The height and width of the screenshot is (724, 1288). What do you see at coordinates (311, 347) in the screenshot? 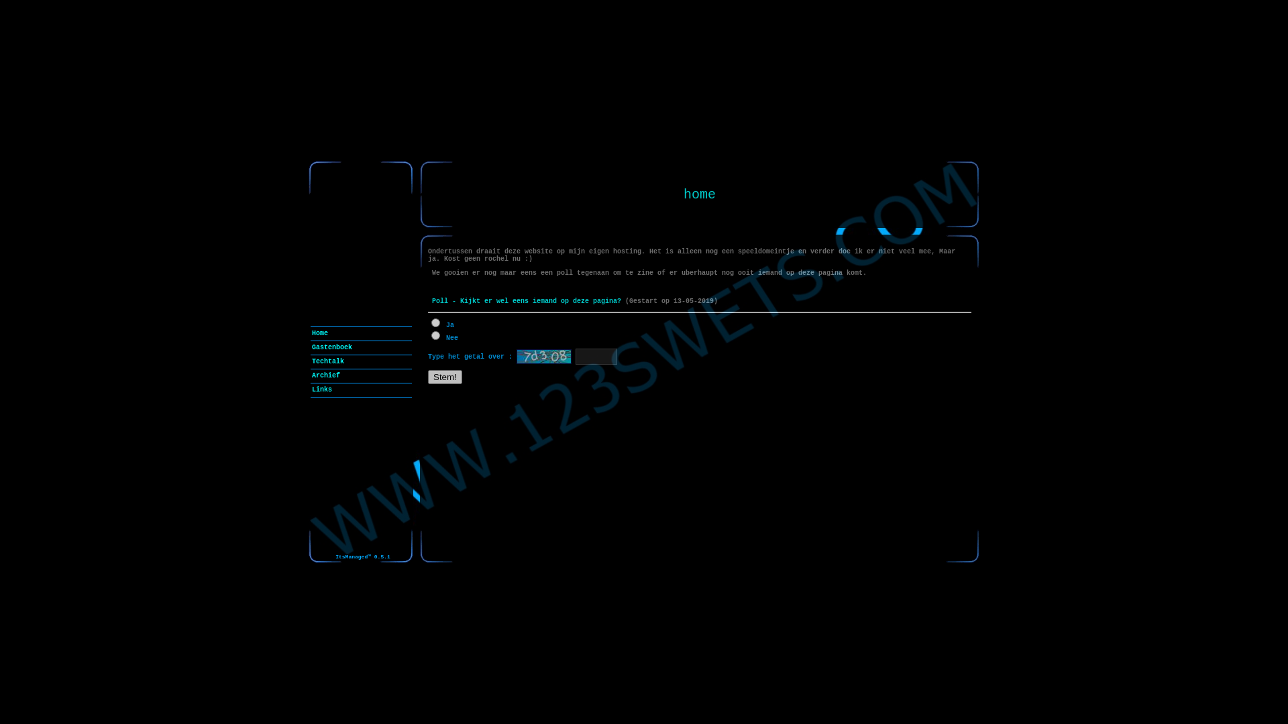
I see `'Gastenboek'` at bounding box center [311, 347].